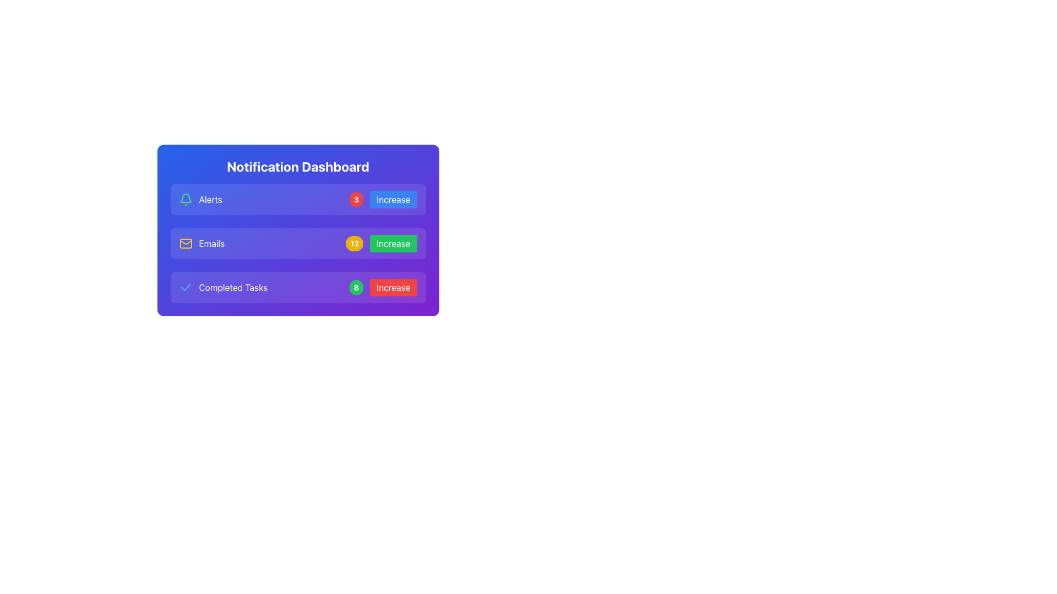 The image size is (1057, 594). Describe the element at coordinates (393, 287) in the screenshot. I see `the 'Increase' button with a red background and rounded corners in the 'Completed Tasks' section of the 'Notification Dashboard' to change its color` at that location.